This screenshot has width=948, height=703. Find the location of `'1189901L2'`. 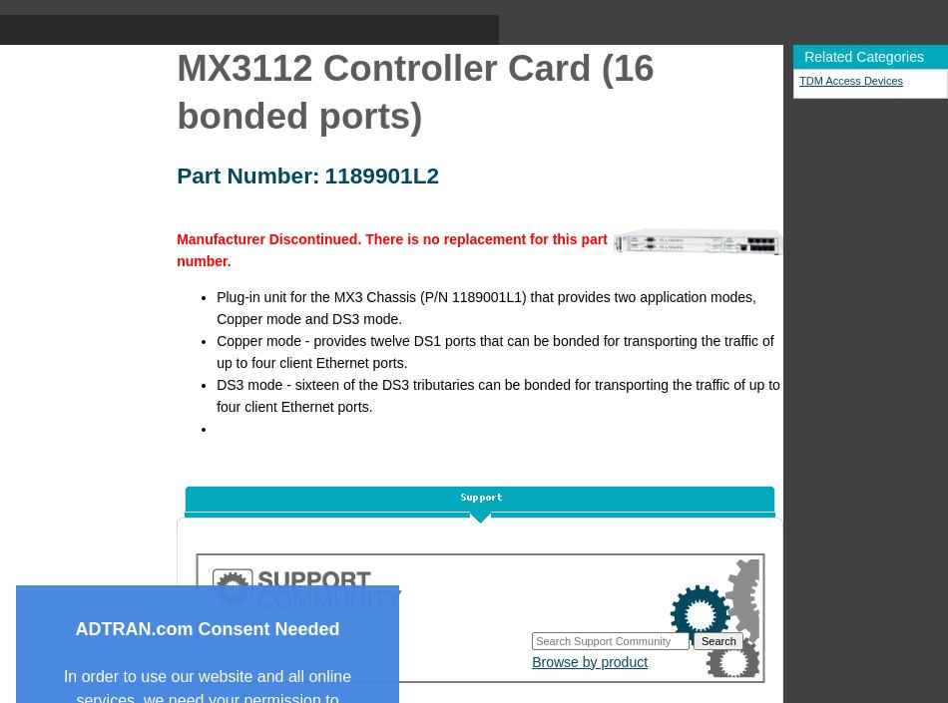

'1189901L2' is located at coordinates (380, 174).